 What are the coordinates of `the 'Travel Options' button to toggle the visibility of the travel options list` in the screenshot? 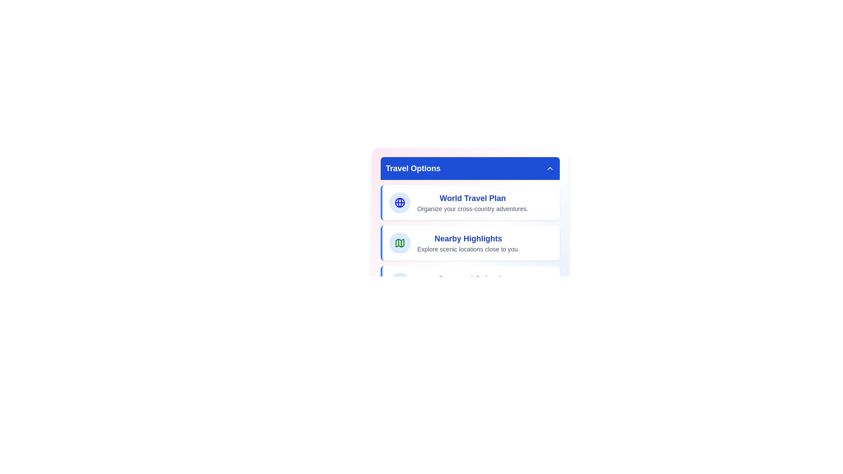 It's located at (469, 169).